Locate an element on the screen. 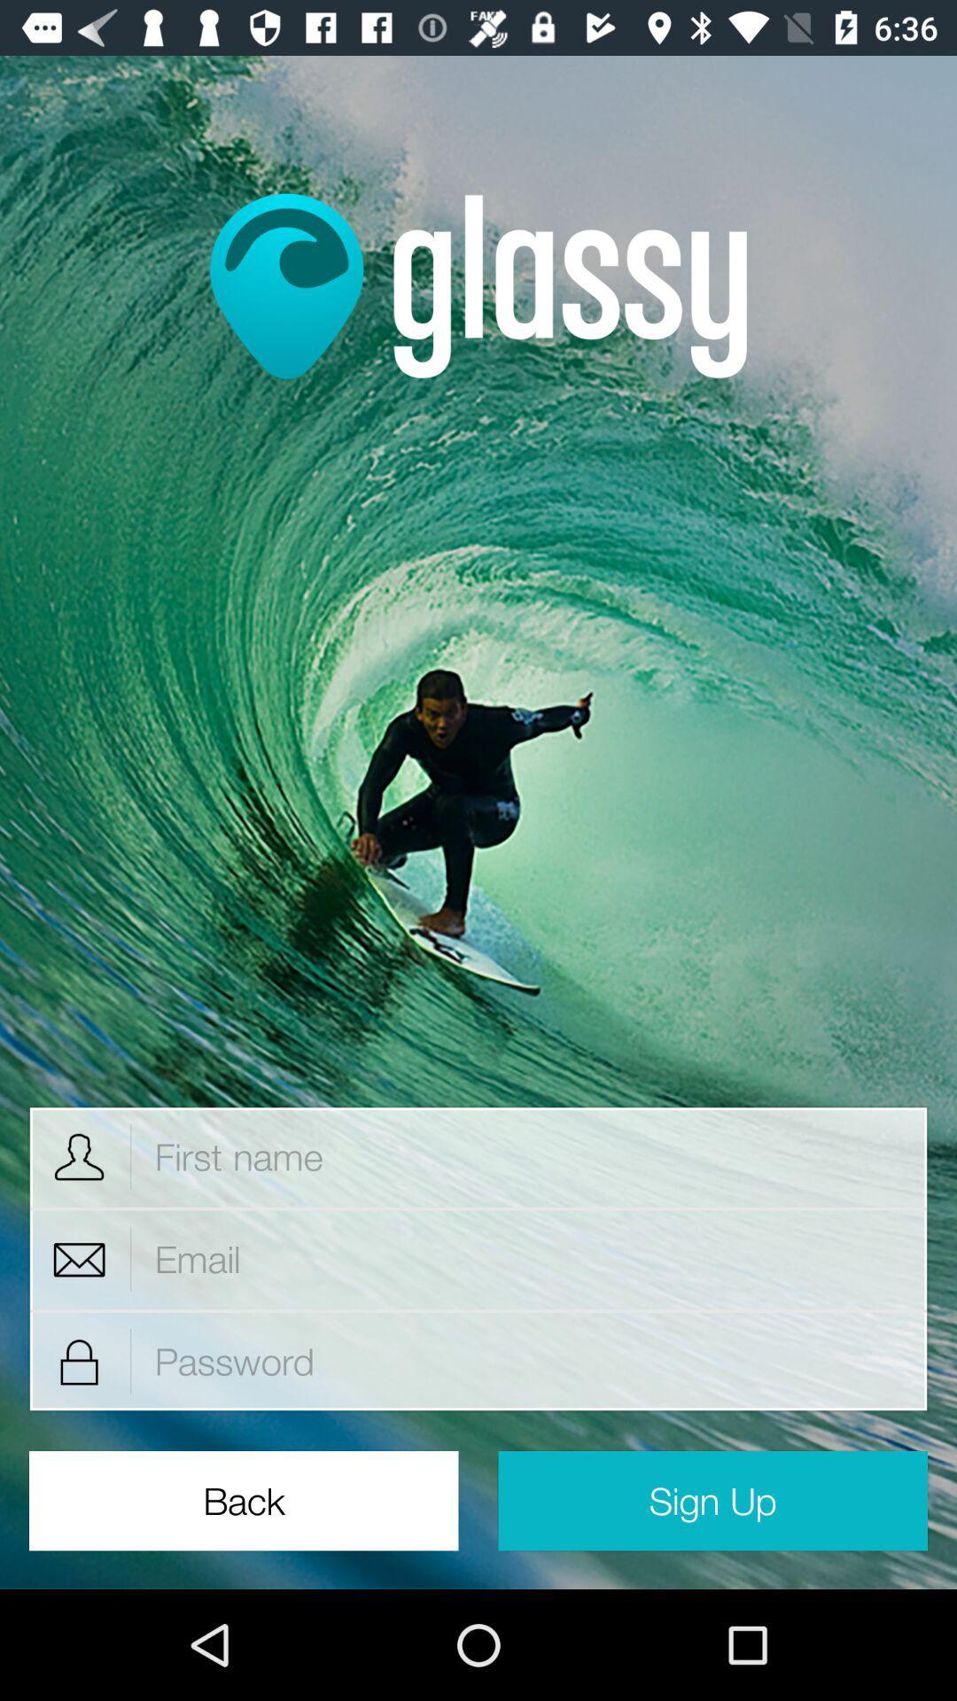  sign up icon is located at coordinates (712, 1500).